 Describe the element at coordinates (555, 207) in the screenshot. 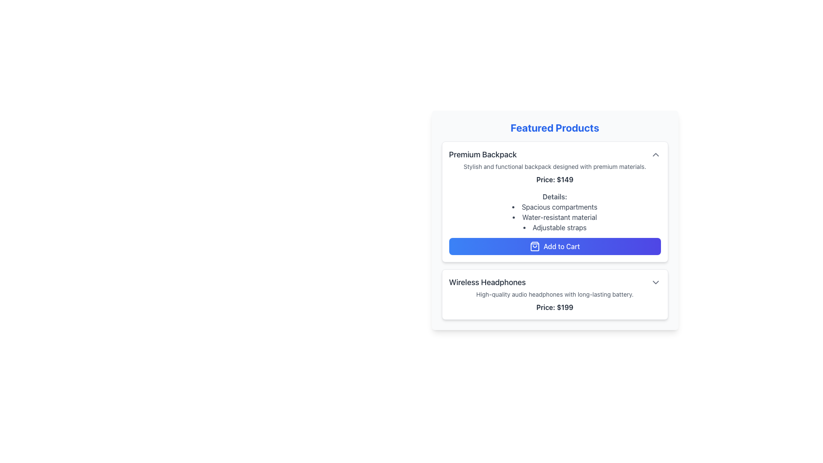

I see `the text element that reads 'Spacious compartments', the first item in the bullet-point list under the 'Details' section of the 'Premium Backpack' product description` at that location.